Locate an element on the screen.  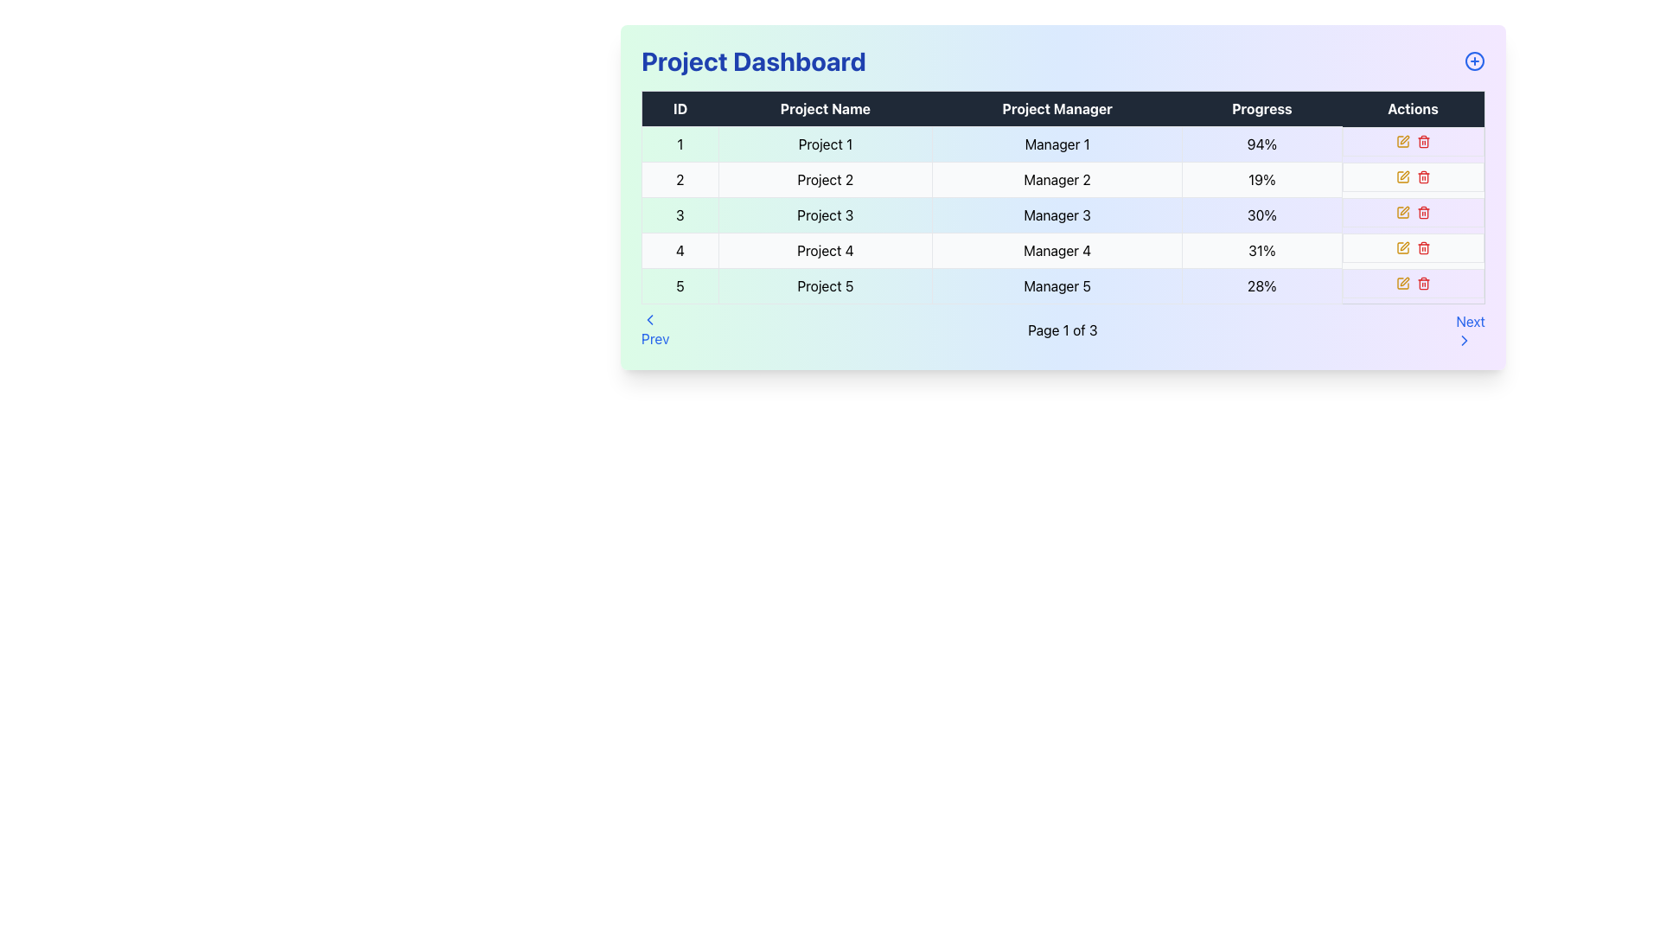
the specific cell in the second row of the project summary table for 'Project 2' to interact with its content is located at coordinates (1062, 180).